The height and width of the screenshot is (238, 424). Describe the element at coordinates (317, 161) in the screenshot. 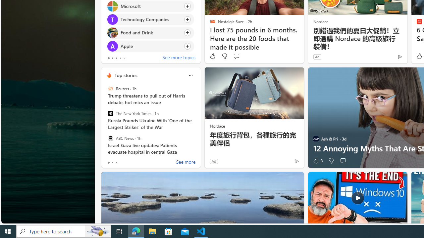

I see `'3 Like'` at that location.